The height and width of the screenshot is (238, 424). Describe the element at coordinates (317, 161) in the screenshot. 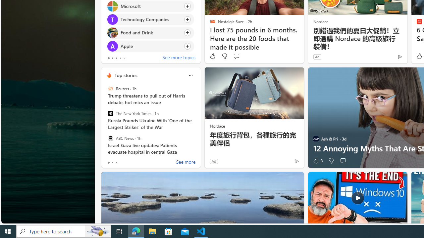

I see `'3 Like'` at that location.